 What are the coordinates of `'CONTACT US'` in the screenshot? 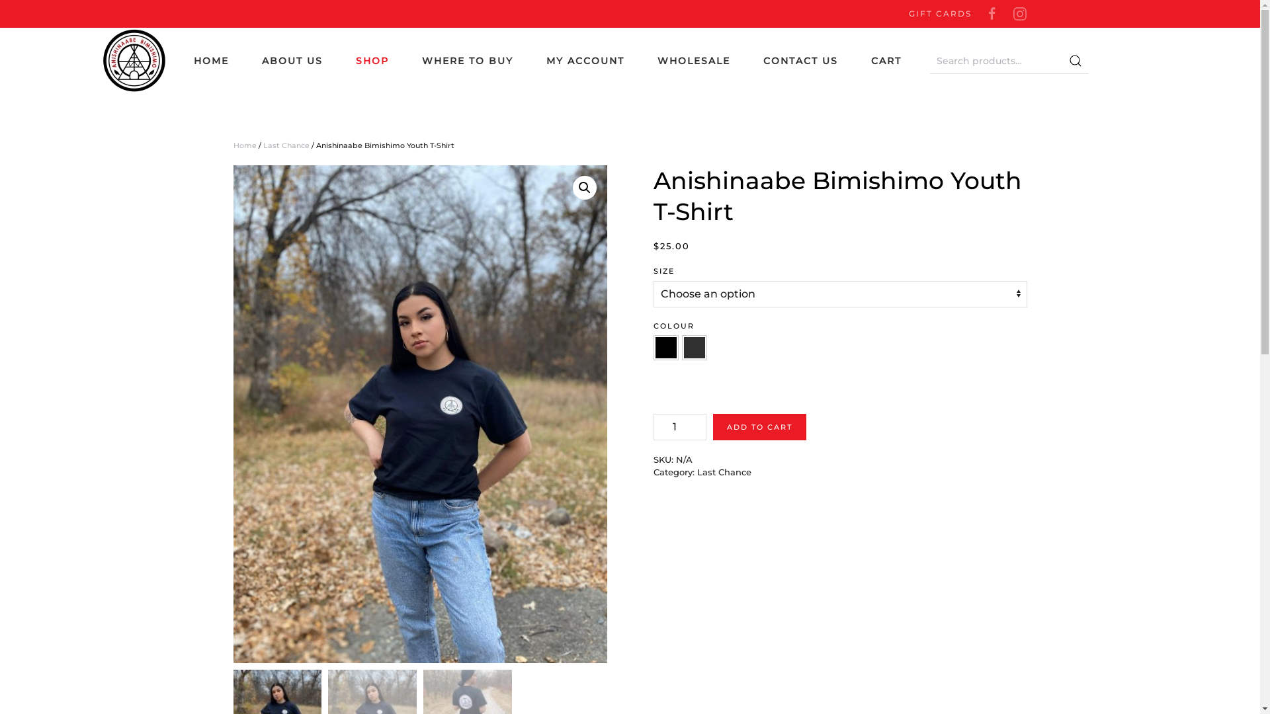 It's located at (800, 61).